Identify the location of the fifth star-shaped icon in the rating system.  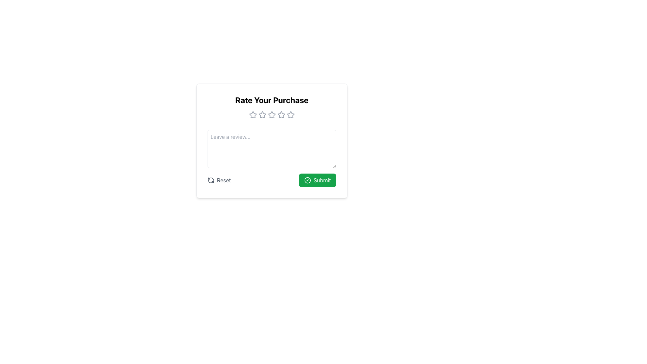
(291, 114).